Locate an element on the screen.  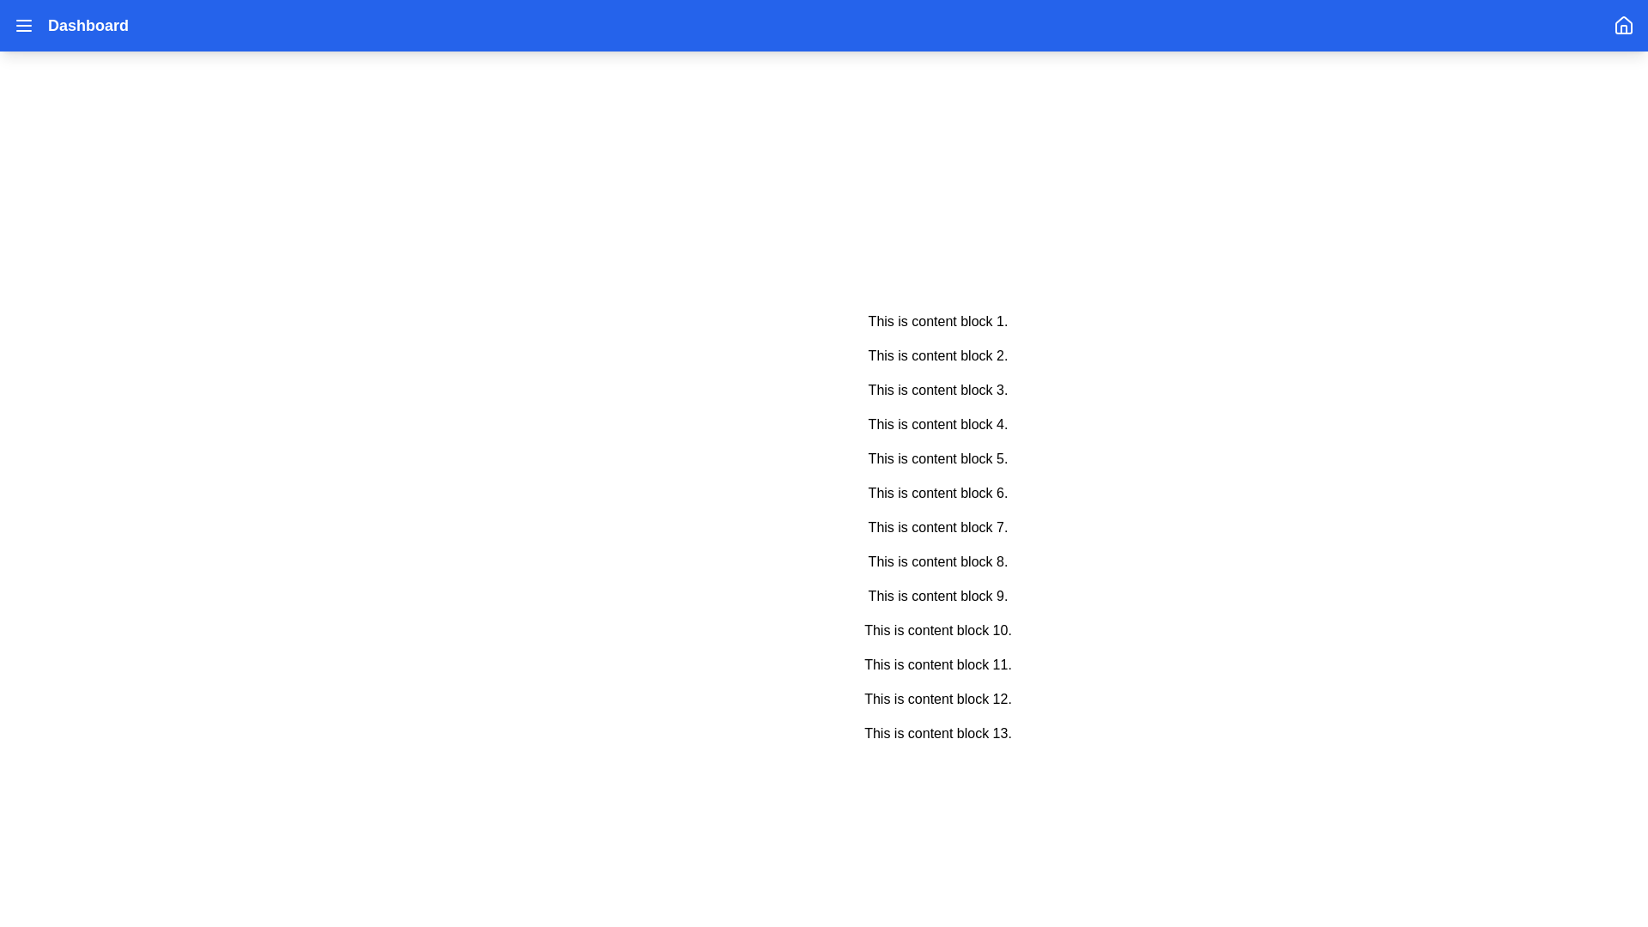
the ninth static text block is located at coordinates (937, 595).